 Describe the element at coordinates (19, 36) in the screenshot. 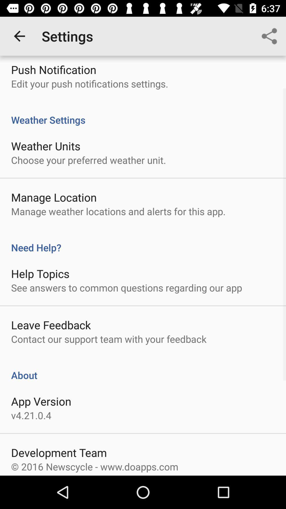

I see `icon next to settings  item` at that location.